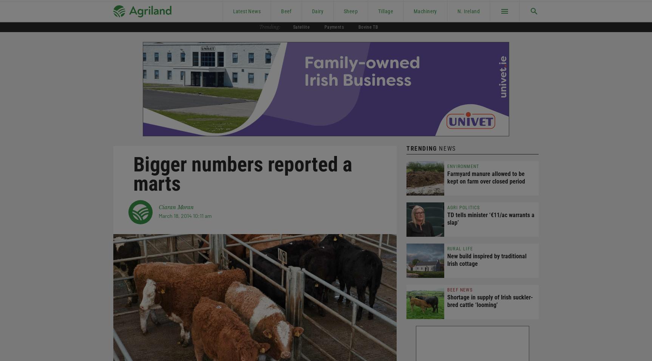 The height and width of the screenshot is (361, 652). Describe the element at coordinates (490, 300) in the screenshot. I see `'Shortage in supply of Irish suckler-bred cattle ‘looming’'` at that location.